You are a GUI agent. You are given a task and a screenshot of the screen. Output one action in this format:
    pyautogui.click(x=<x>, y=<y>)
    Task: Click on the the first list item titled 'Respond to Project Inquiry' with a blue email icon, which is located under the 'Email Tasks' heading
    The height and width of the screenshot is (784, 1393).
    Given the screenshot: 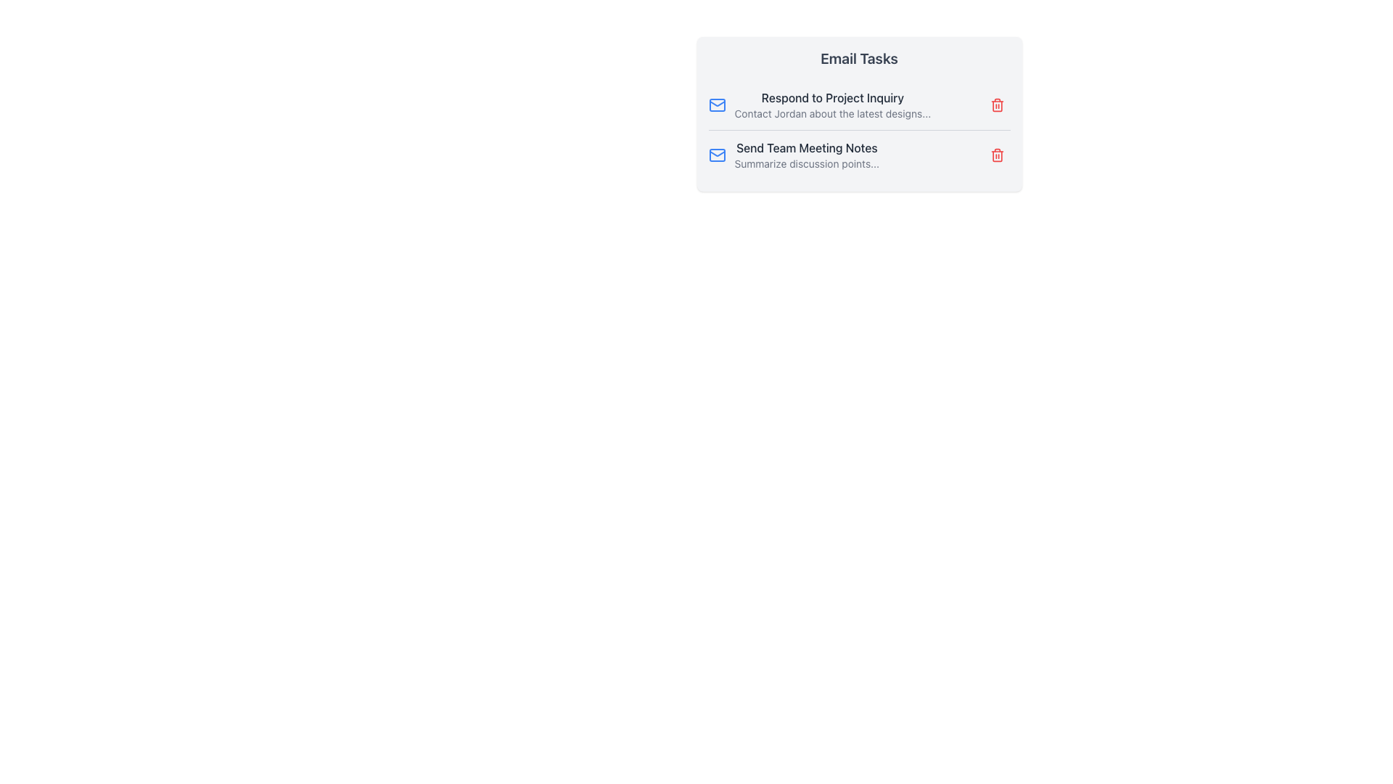 What is the action you would take?
    pyautogui.click(x=819, y=105)
    